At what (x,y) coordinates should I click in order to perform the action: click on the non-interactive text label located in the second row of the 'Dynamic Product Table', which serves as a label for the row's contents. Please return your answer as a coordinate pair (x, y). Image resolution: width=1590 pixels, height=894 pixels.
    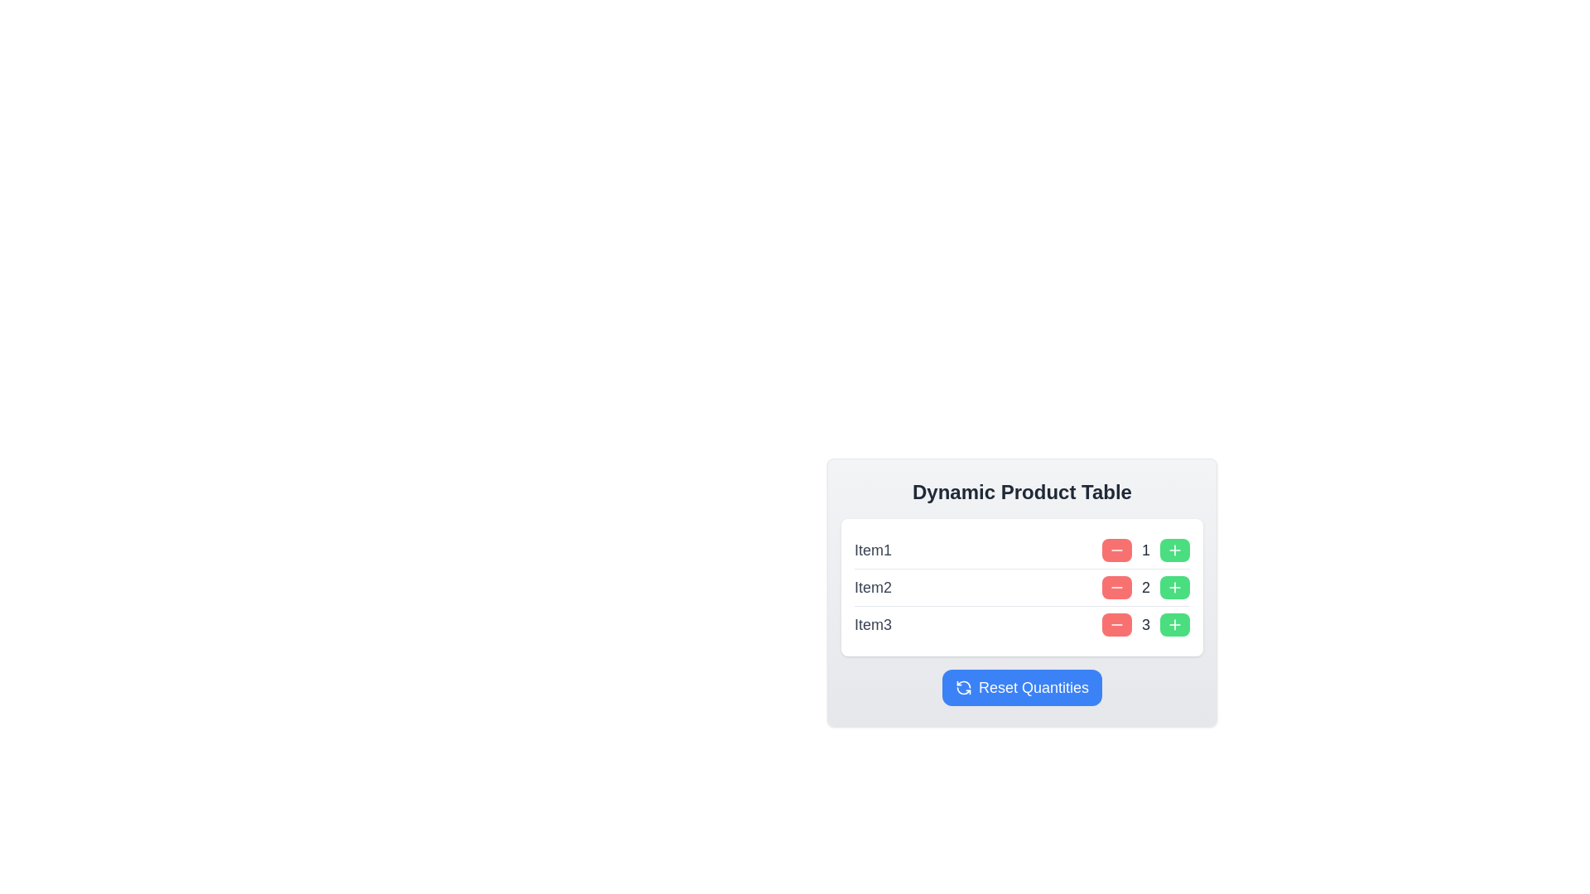
    Looking at the image, I should click on (872, 586).